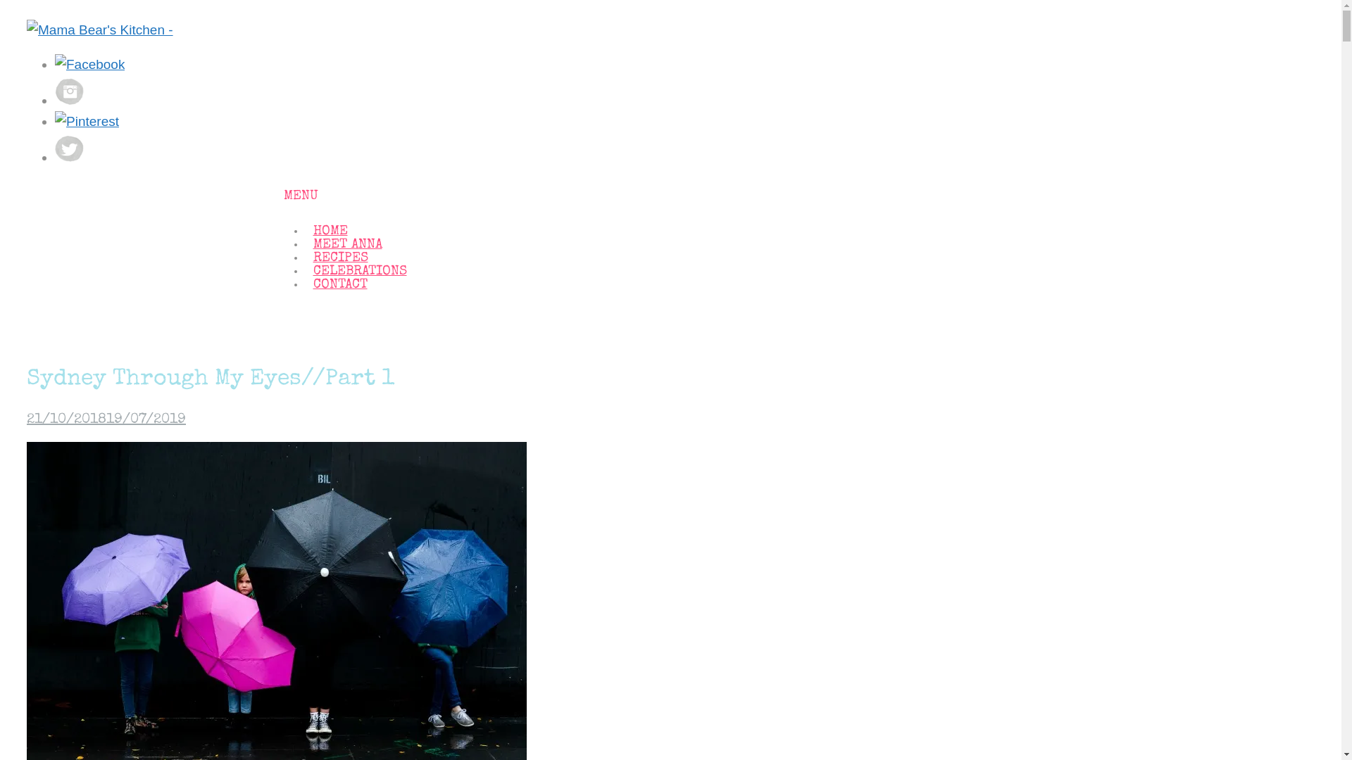 The width and height of the screenshot is (1352, 760). Describe the element at coordinates (291, 220) in the screenshot. I see `'SKIP TO CONTENT'` at that location.